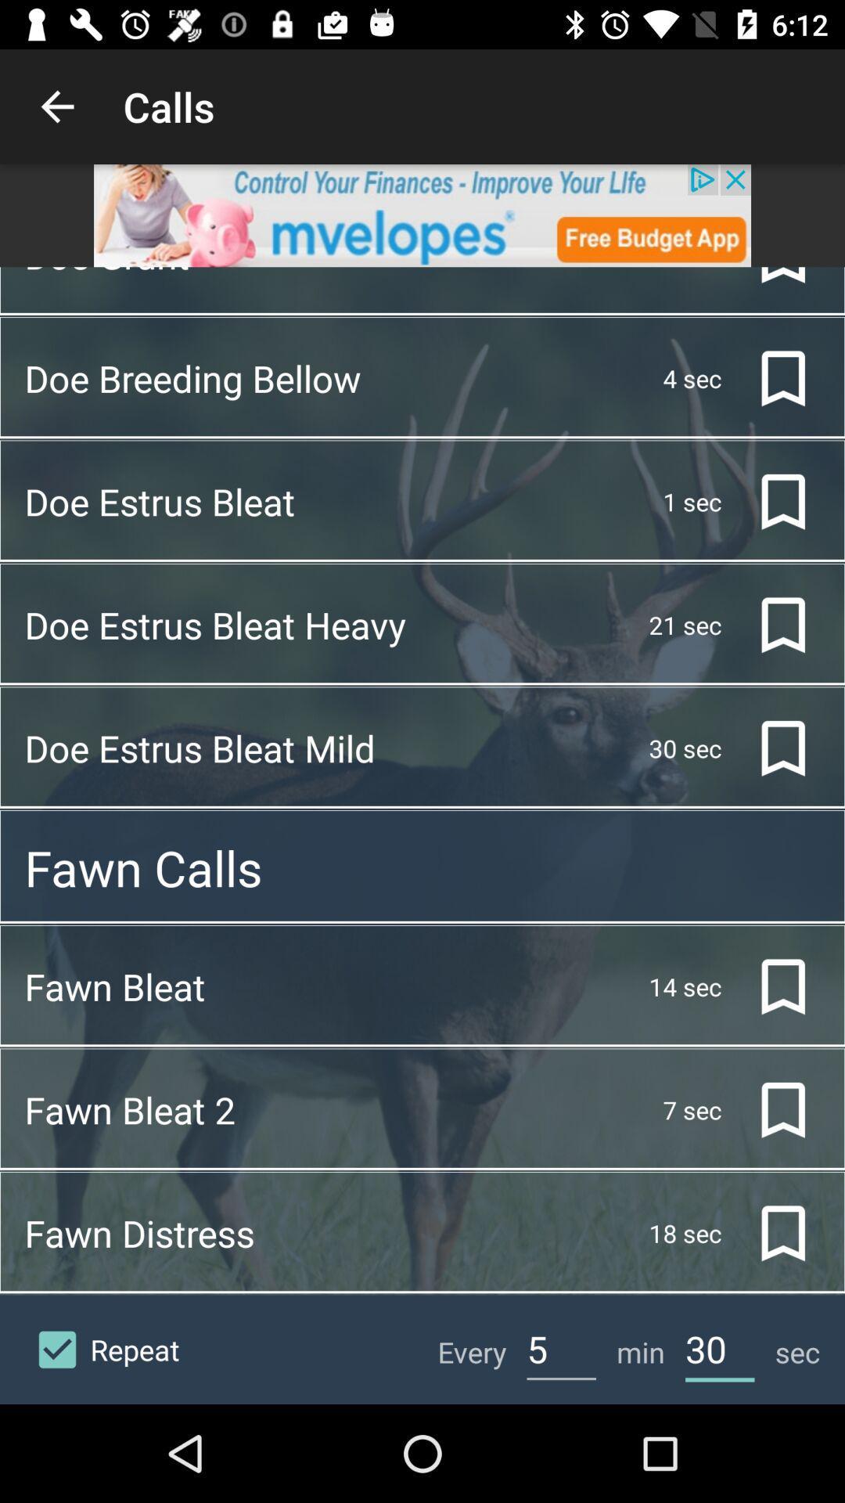 The width and height of the screenshot is (845, 1503). I want to click on the bookmark icon, so click(770, 1109).